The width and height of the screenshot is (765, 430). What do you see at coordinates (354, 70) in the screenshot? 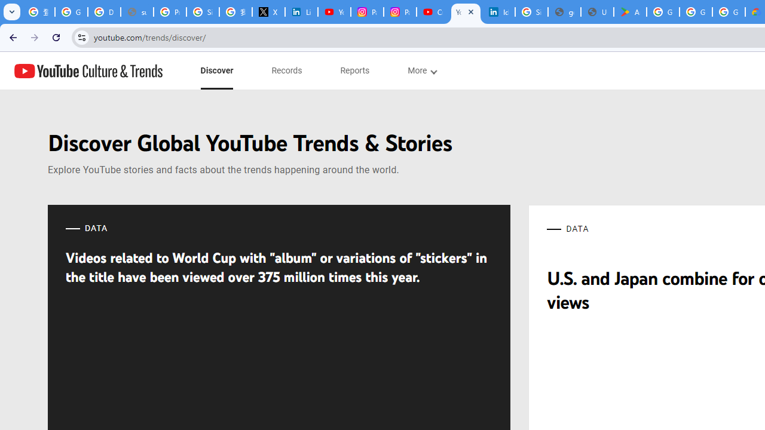
I see `'subnav-Reports menupopup'` at bounding box center [354, 70].